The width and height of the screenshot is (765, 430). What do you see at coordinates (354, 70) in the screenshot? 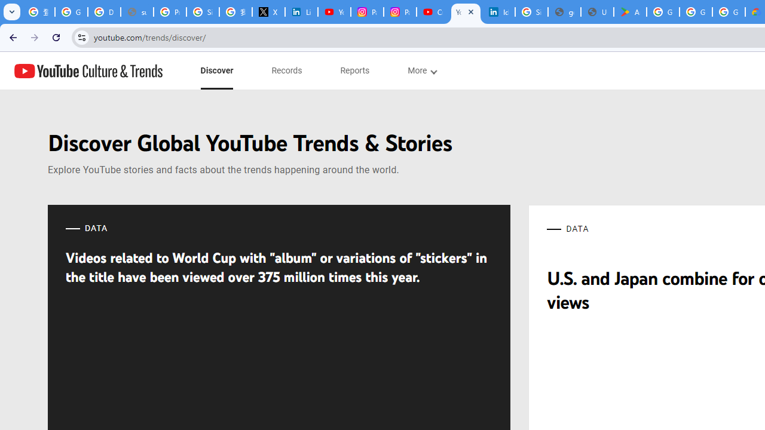
I see `'subnav-Reports menupopup'` at bounding box center [354, 70].